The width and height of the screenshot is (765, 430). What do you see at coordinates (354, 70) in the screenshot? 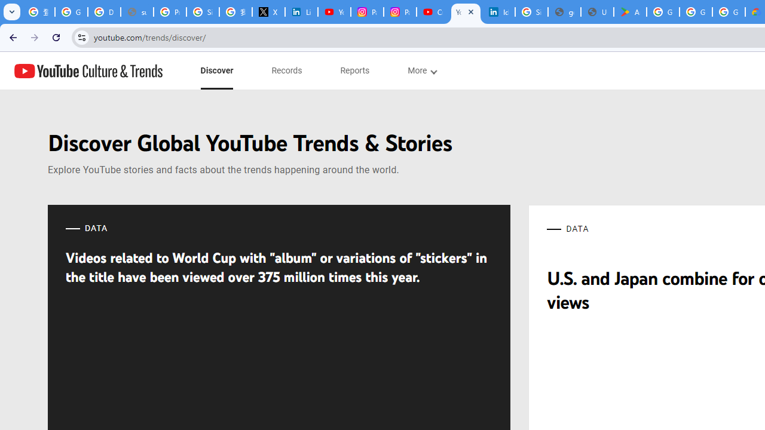
I see `'subnav-Reports menupopup'` at bounding box center [354, 70].